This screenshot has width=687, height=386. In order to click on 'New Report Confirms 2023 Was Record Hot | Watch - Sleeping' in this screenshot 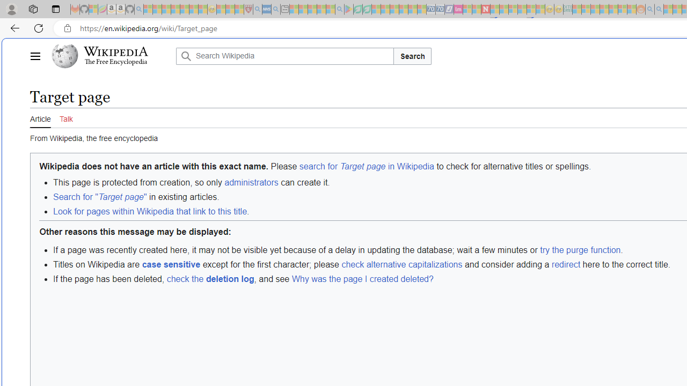, I will do `click(184, 9)`.